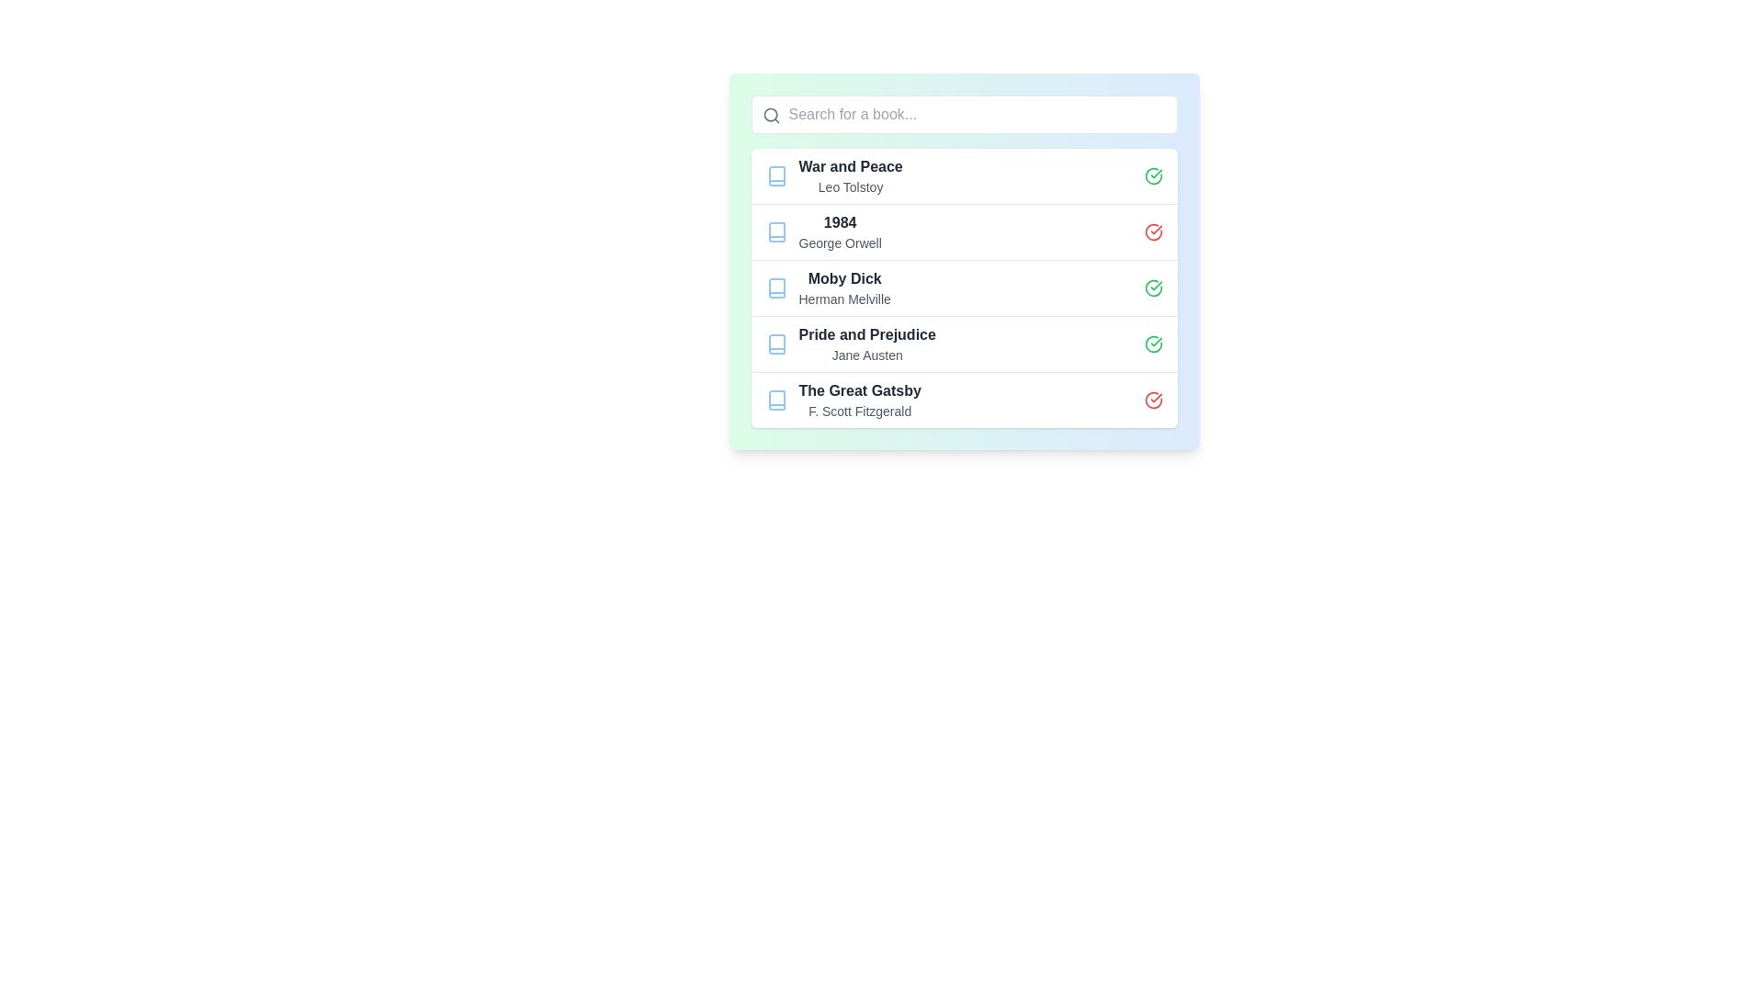  Describe the element at coordinates (839, 242) in the screenshot. I see `the label displaying the author of the book '1984', which is located below the bold title in the same list item` at that location.